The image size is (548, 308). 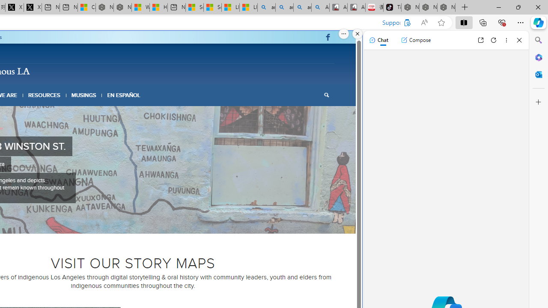 I want to click on 'amazon - Search Images', so click(x=302, y=7).